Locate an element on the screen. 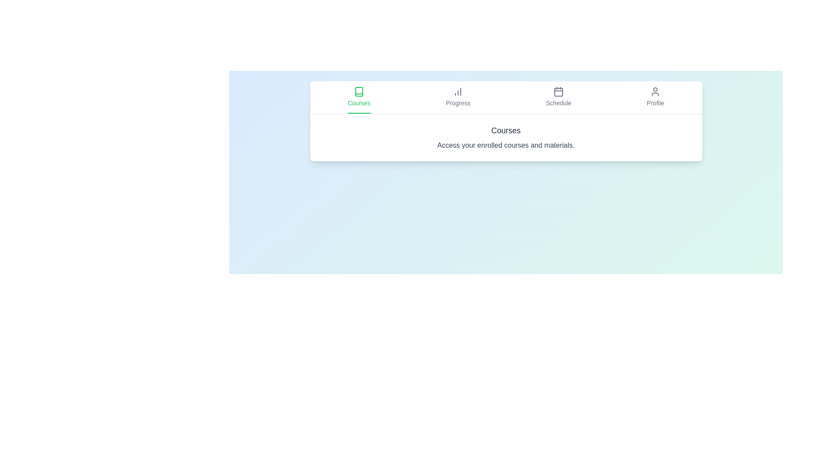 The height and width of the screenshot is (472, 840). the tab labeled Progress to read its description is located at coordinates (458, 97).